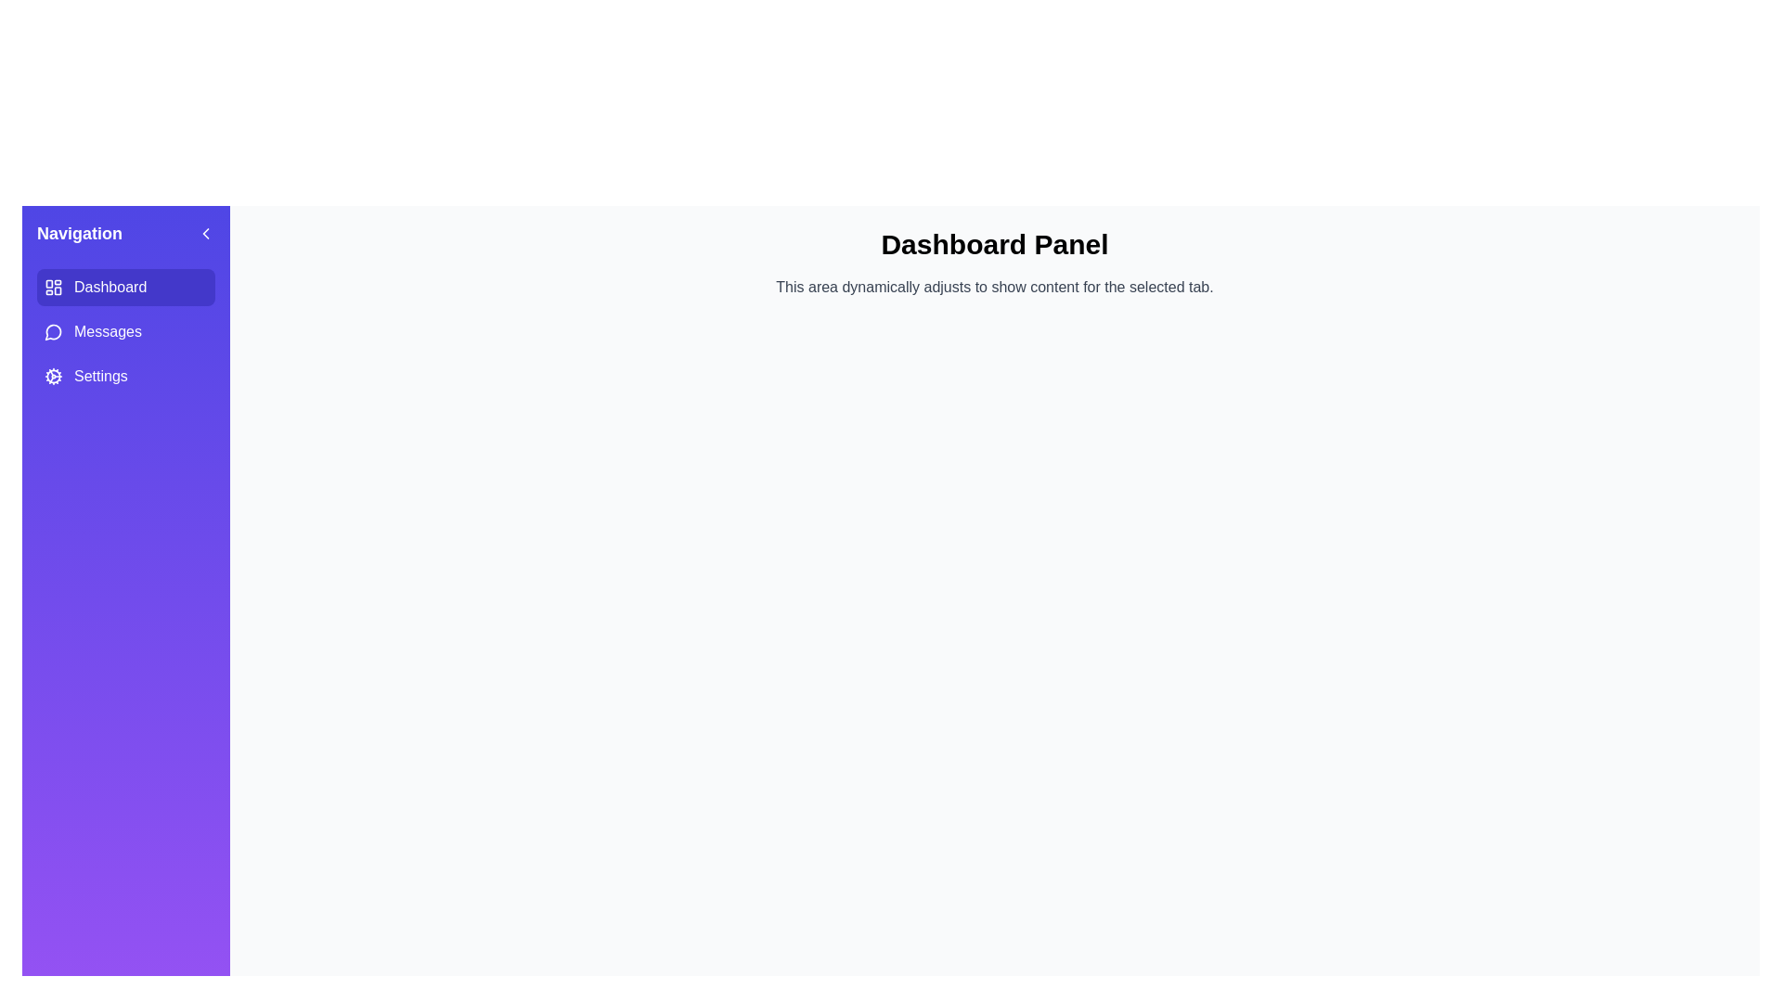  I want to click on the drawer toggle button to toggle the drawer's open and close state, so click(205, 232).